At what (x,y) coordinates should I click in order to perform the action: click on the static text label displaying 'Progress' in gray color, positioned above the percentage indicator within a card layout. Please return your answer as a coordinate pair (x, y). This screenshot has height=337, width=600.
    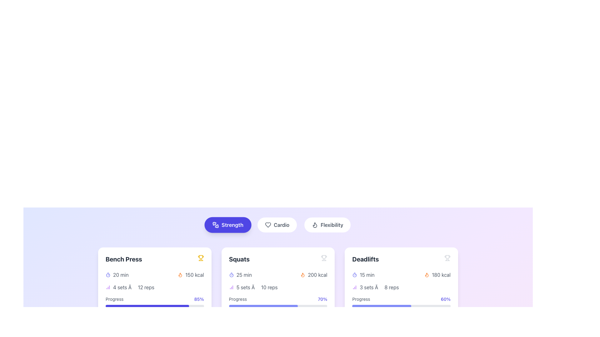
    Looking at the image, I should click on (114, 299).